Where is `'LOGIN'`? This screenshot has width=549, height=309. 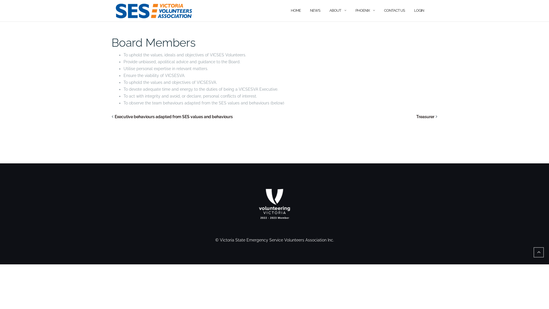 'LOGIN' is located at coordinates (419, 11).